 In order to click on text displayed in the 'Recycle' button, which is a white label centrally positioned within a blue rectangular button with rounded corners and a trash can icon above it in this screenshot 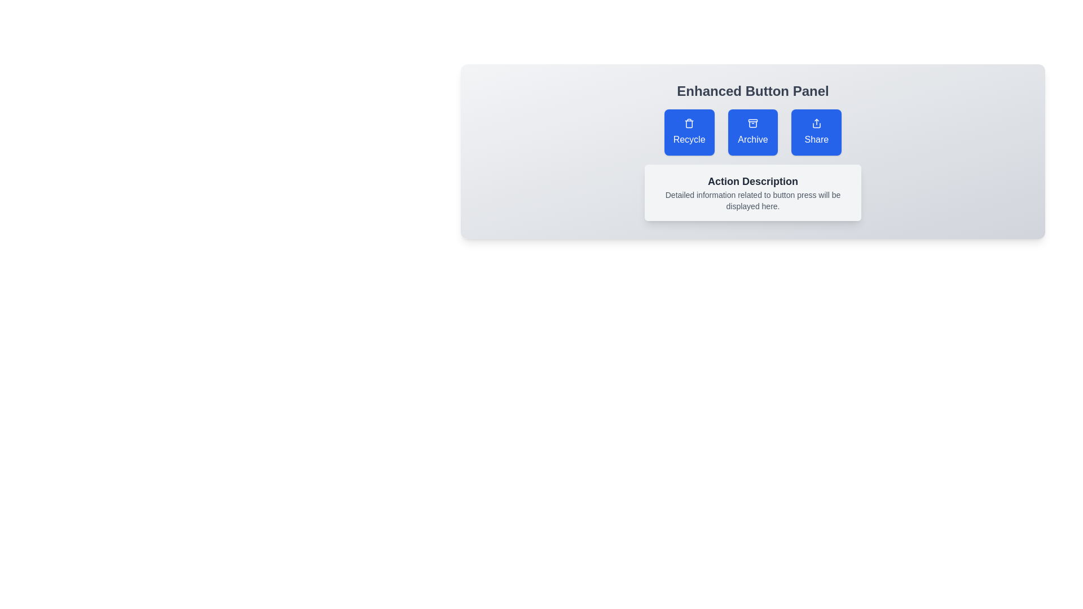, I will do `click(689, 139)`.